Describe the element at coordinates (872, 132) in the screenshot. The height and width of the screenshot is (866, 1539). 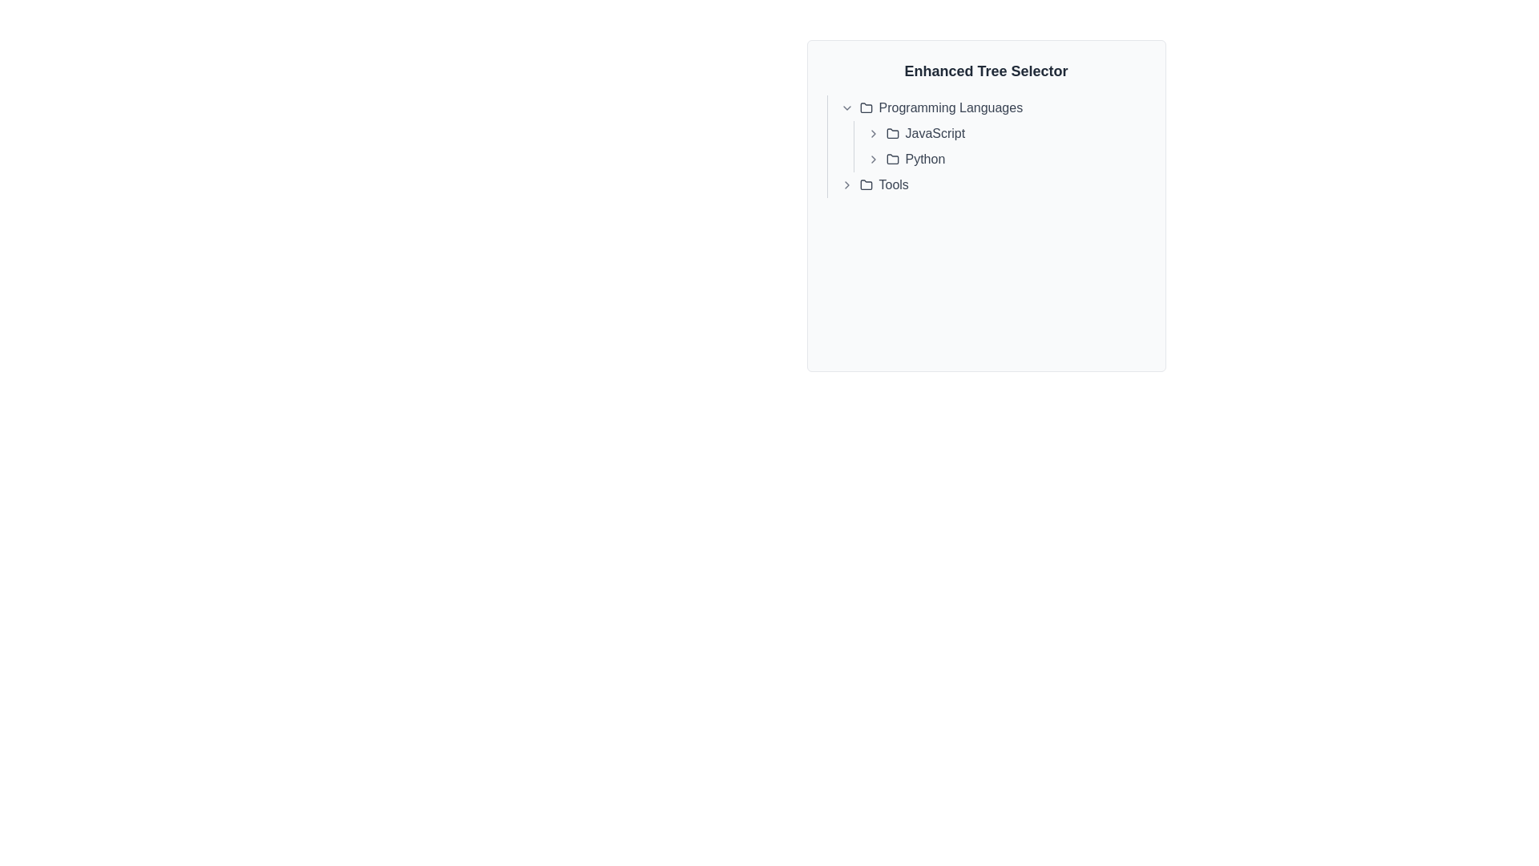
I see `the Interactive icon (Chevron Right) located within the 'JavaScript' group` at that location.